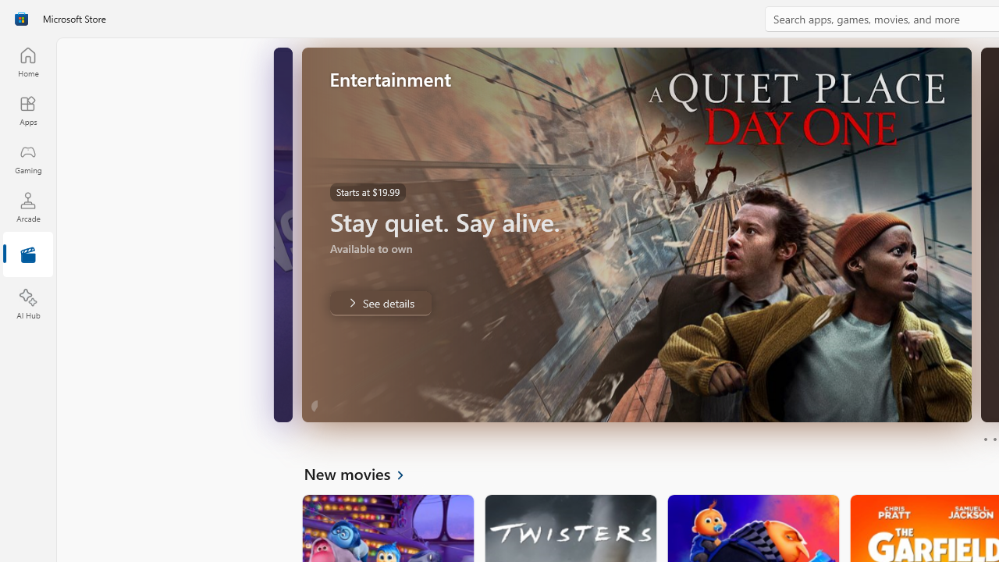  What do you see at coordinates (362, 472) in the screenshot?
I see `'See all  New movies'` at bounding box center [362, 472].